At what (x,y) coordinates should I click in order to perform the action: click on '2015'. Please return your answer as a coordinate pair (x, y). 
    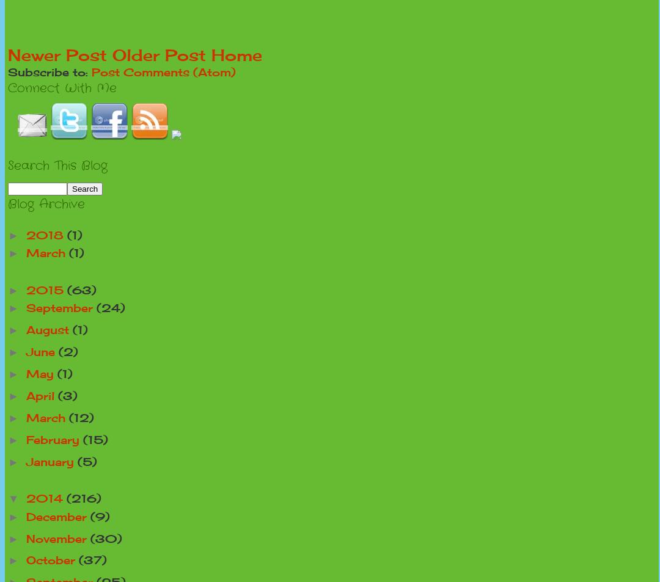
    Looking at the image, I should click on (26, 289).